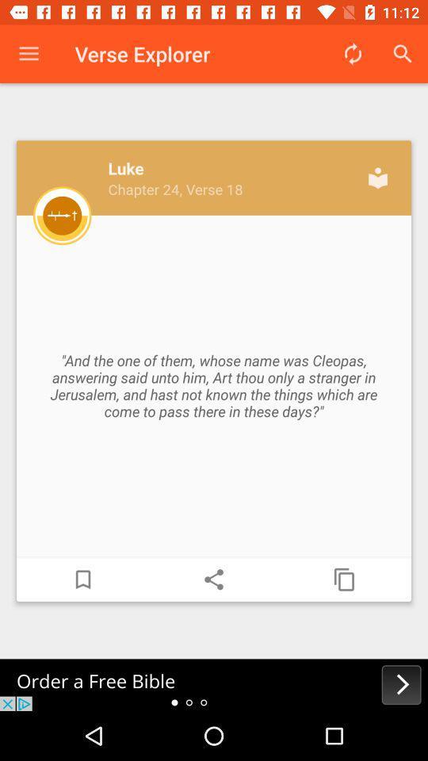  What do you see at coordinates (214, 579) in the screenshot?
I see `share bible verse` at bounding box center [214, 579].